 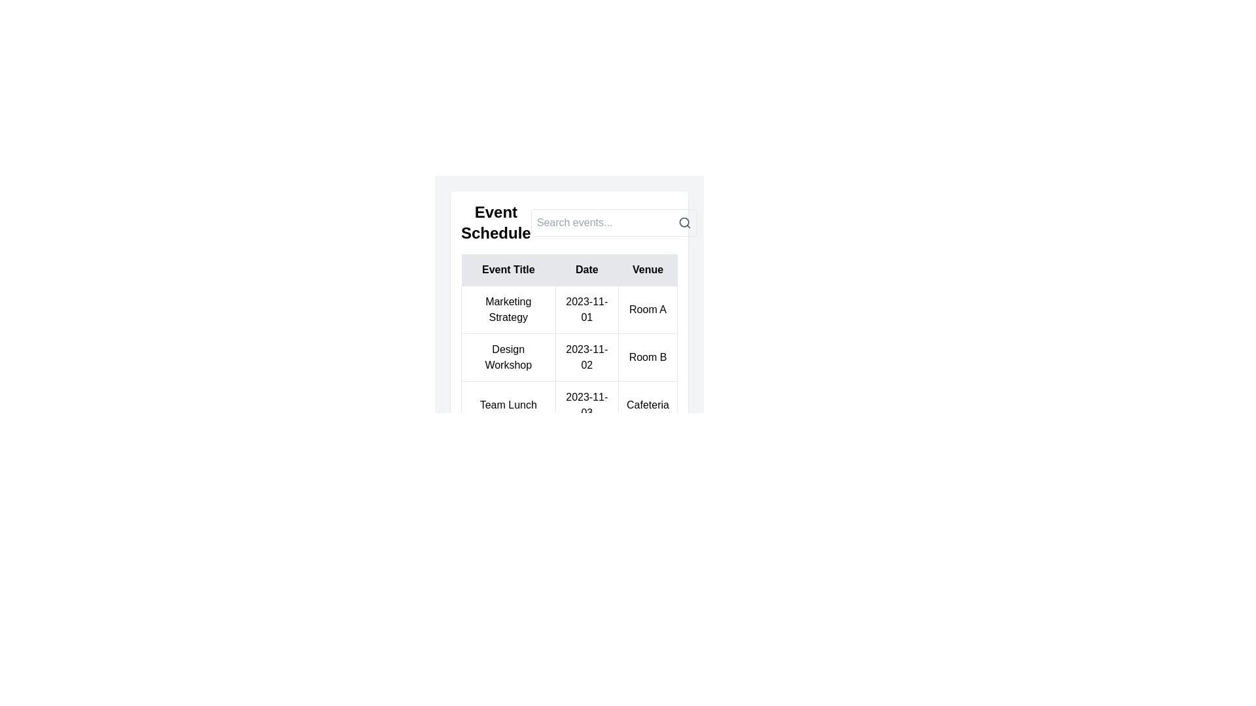 I want to click on the Text element displaying '2023-11-03' located in the third row of the table under the 'Date' column, bordered with a thin frame, so click(x=586, y=405).